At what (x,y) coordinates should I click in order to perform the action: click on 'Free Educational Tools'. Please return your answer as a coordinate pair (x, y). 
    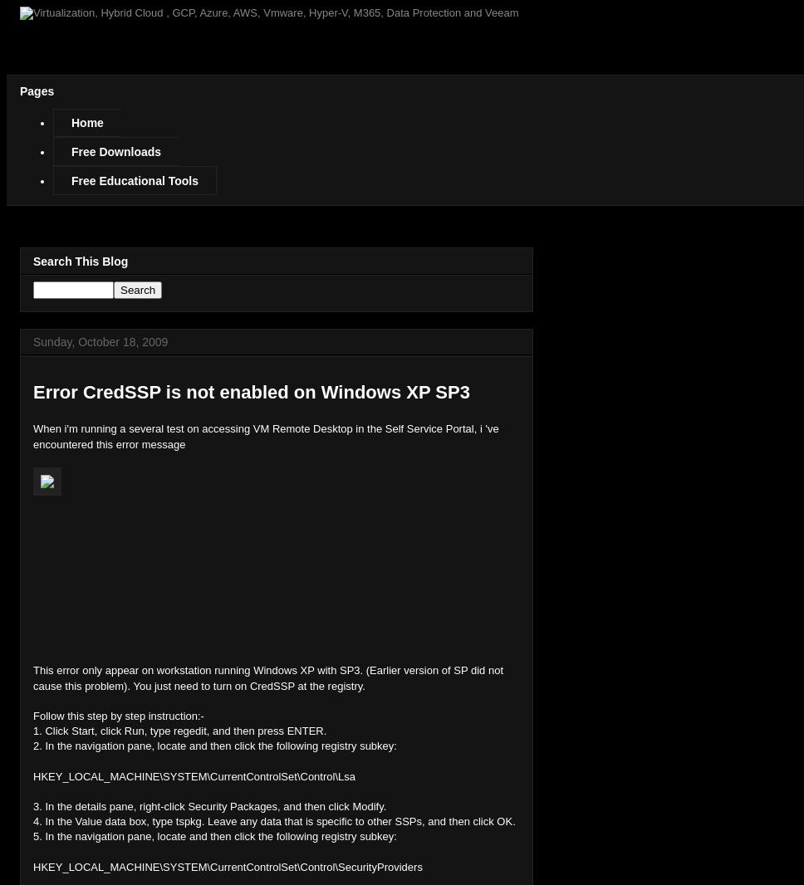
    Looking at the image, I should click on (135, 179).